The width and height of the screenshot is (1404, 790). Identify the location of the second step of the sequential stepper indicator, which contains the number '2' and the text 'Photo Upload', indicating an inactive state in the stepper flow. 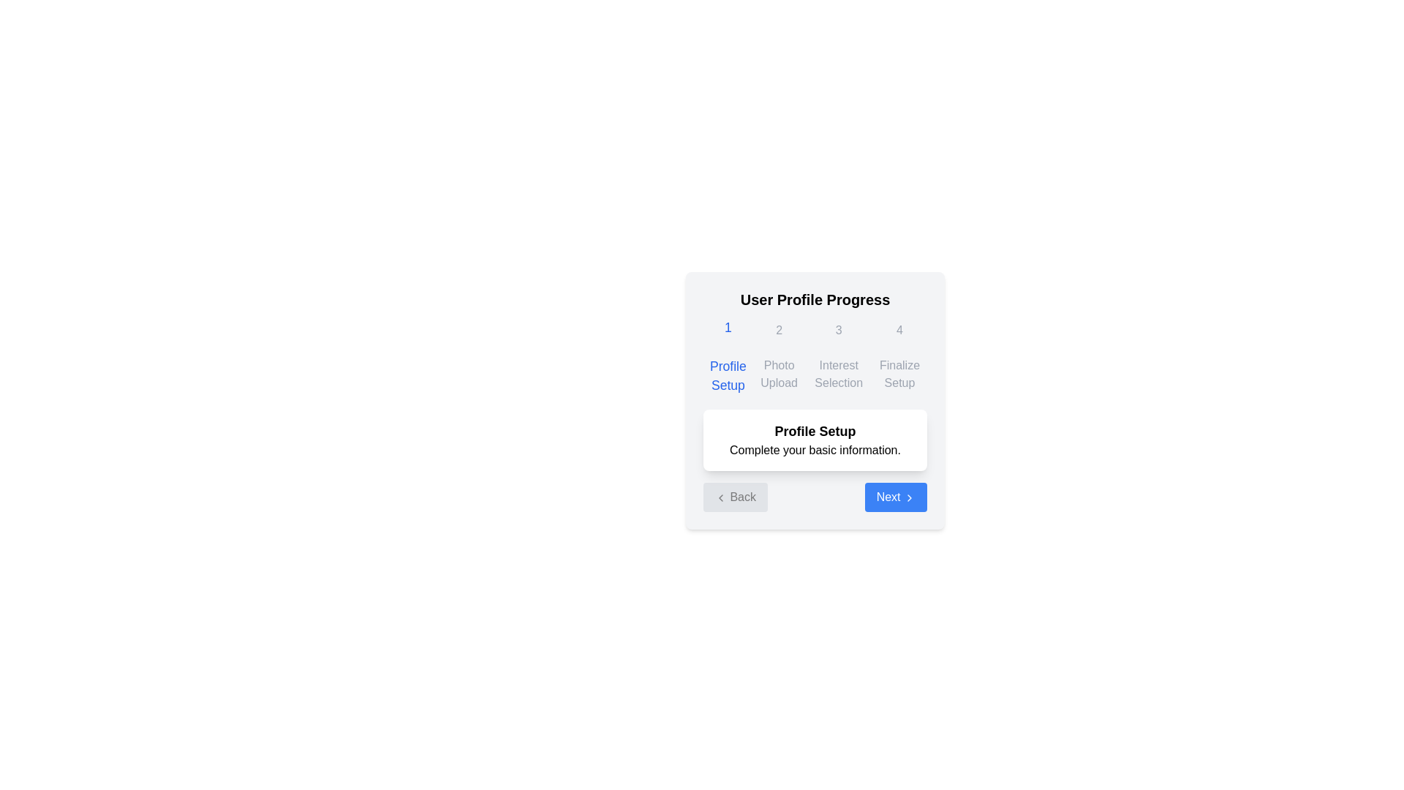
(778, 357).